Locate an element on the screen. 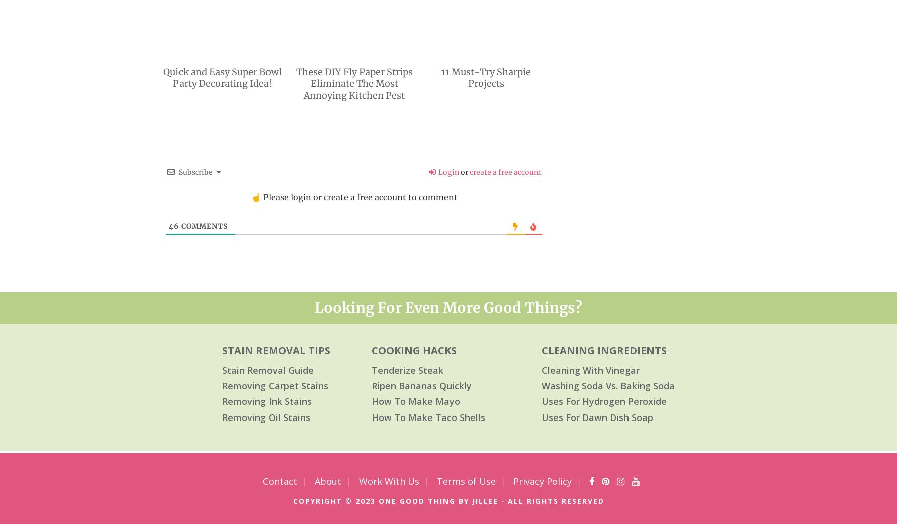 The width and height of the screenshot is (897, 524). 'Uses For Hydrogen Peroxide' is located at coordinates (604, 401).